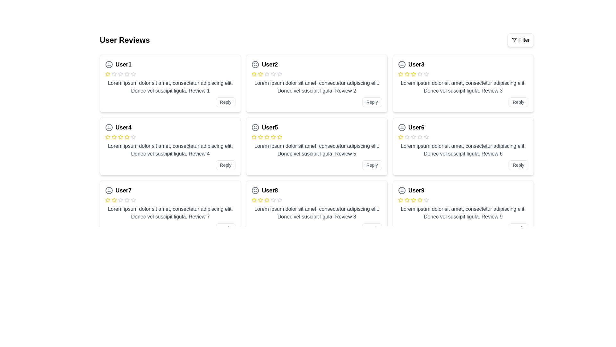 The width and height of the screenshot is (616, 347). Describe the element at coordinates (114, 137) in the screenshot. I see `the third star icon in the rating component for the user review of 'User4', located in the second row, left of the text` at that location.